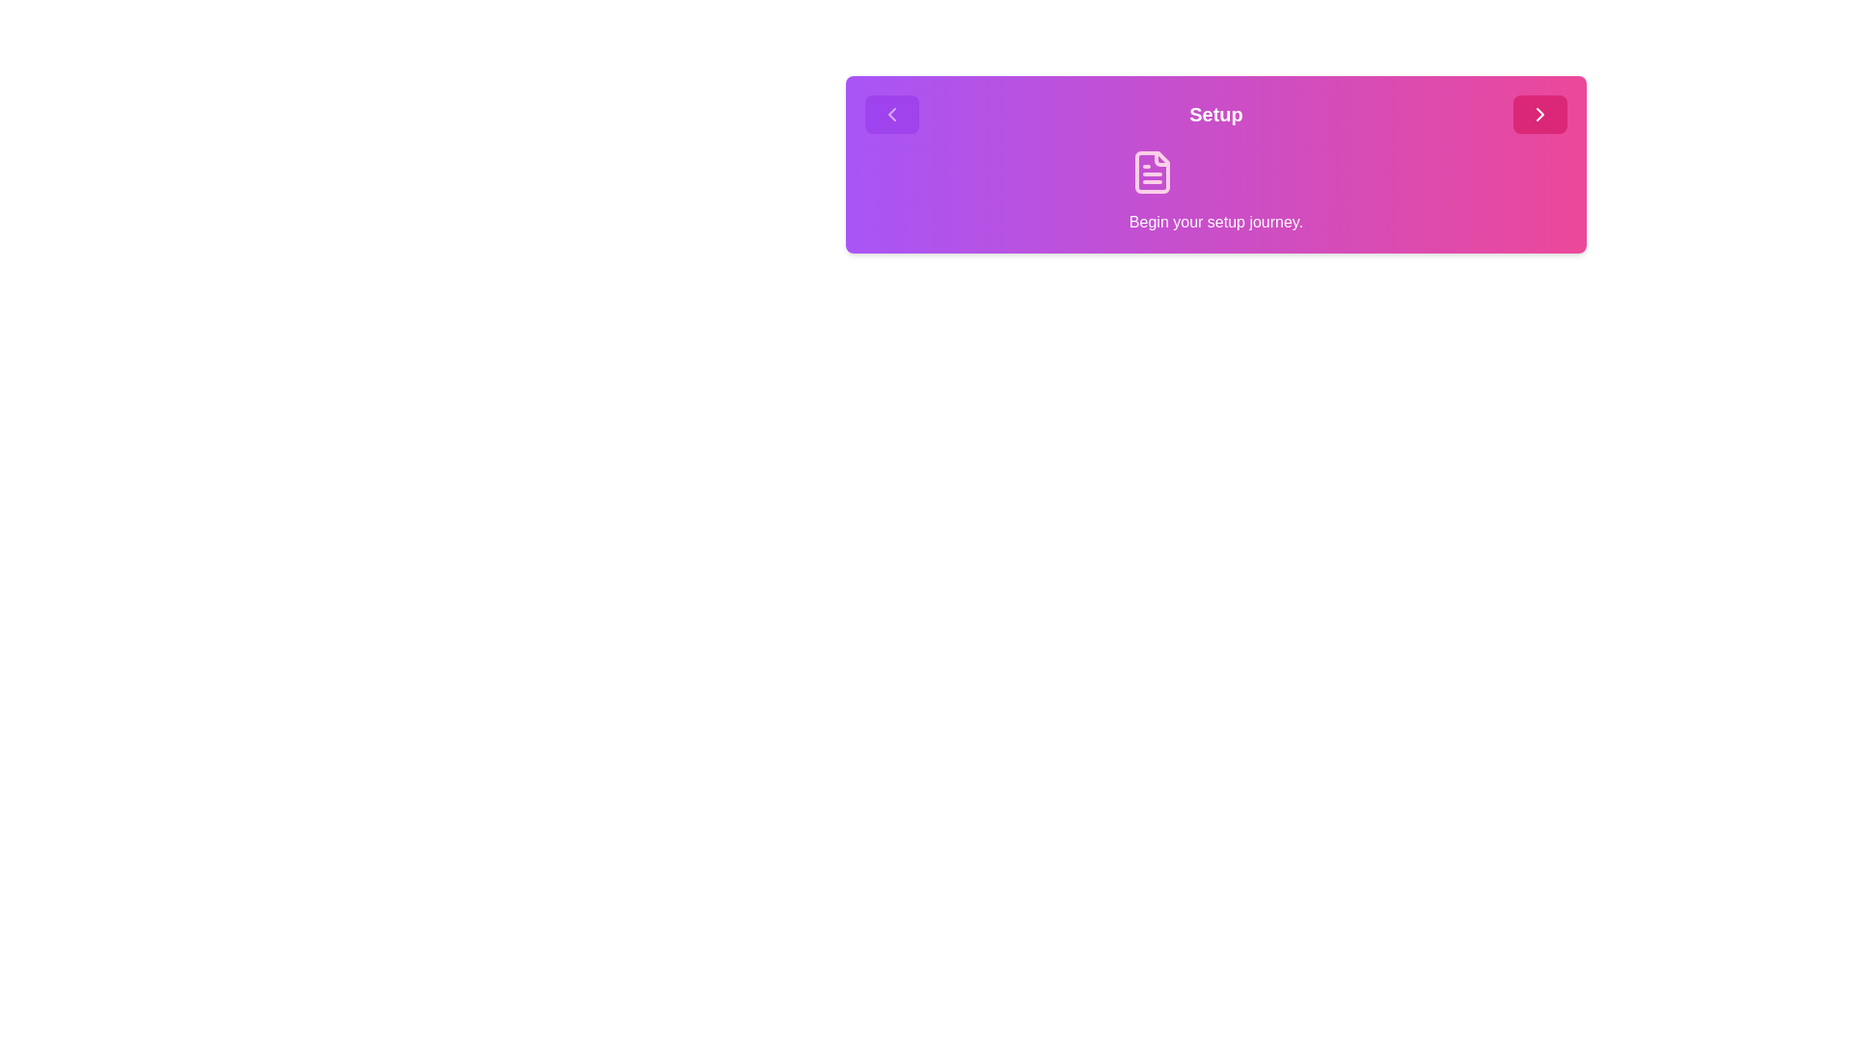 This screenshot has width=1852, height=1041. Describe the element at coordinates (1539, 115) in the screenshot. I see `the forward button to navigate to the next step` at that location.